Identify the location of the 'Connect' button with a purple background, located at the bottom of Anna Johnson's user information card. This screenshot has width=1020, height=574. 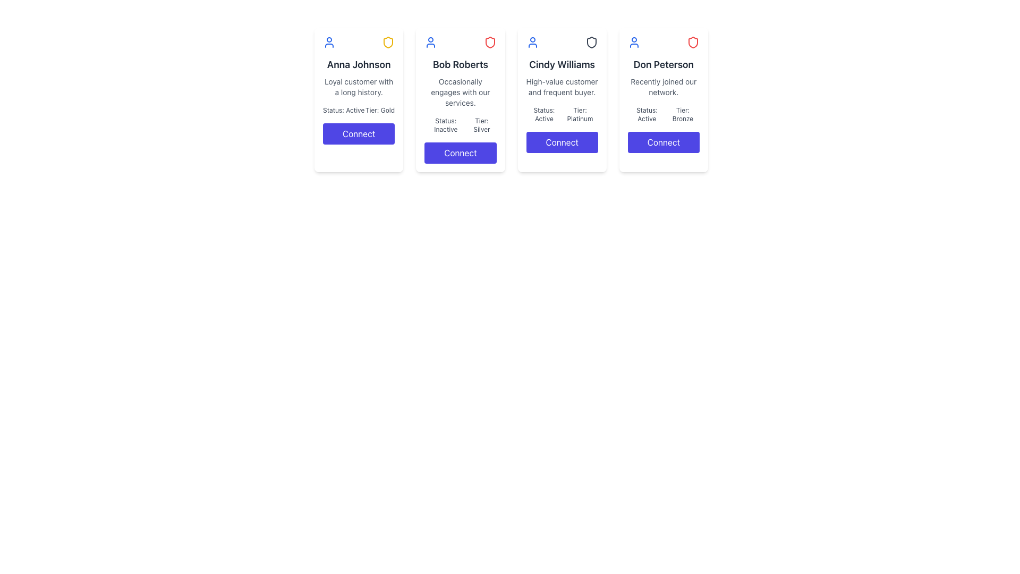
(359, 133).